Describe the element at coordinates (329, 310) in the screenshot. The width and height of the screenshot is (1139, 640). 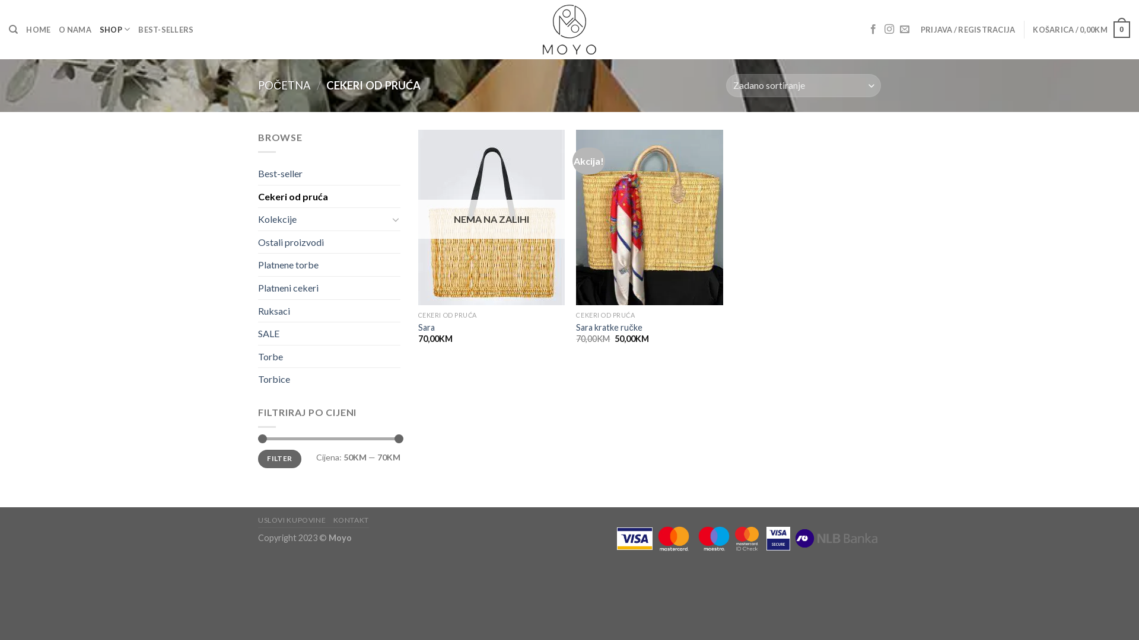
I see `'Ruksaci'` at that location.